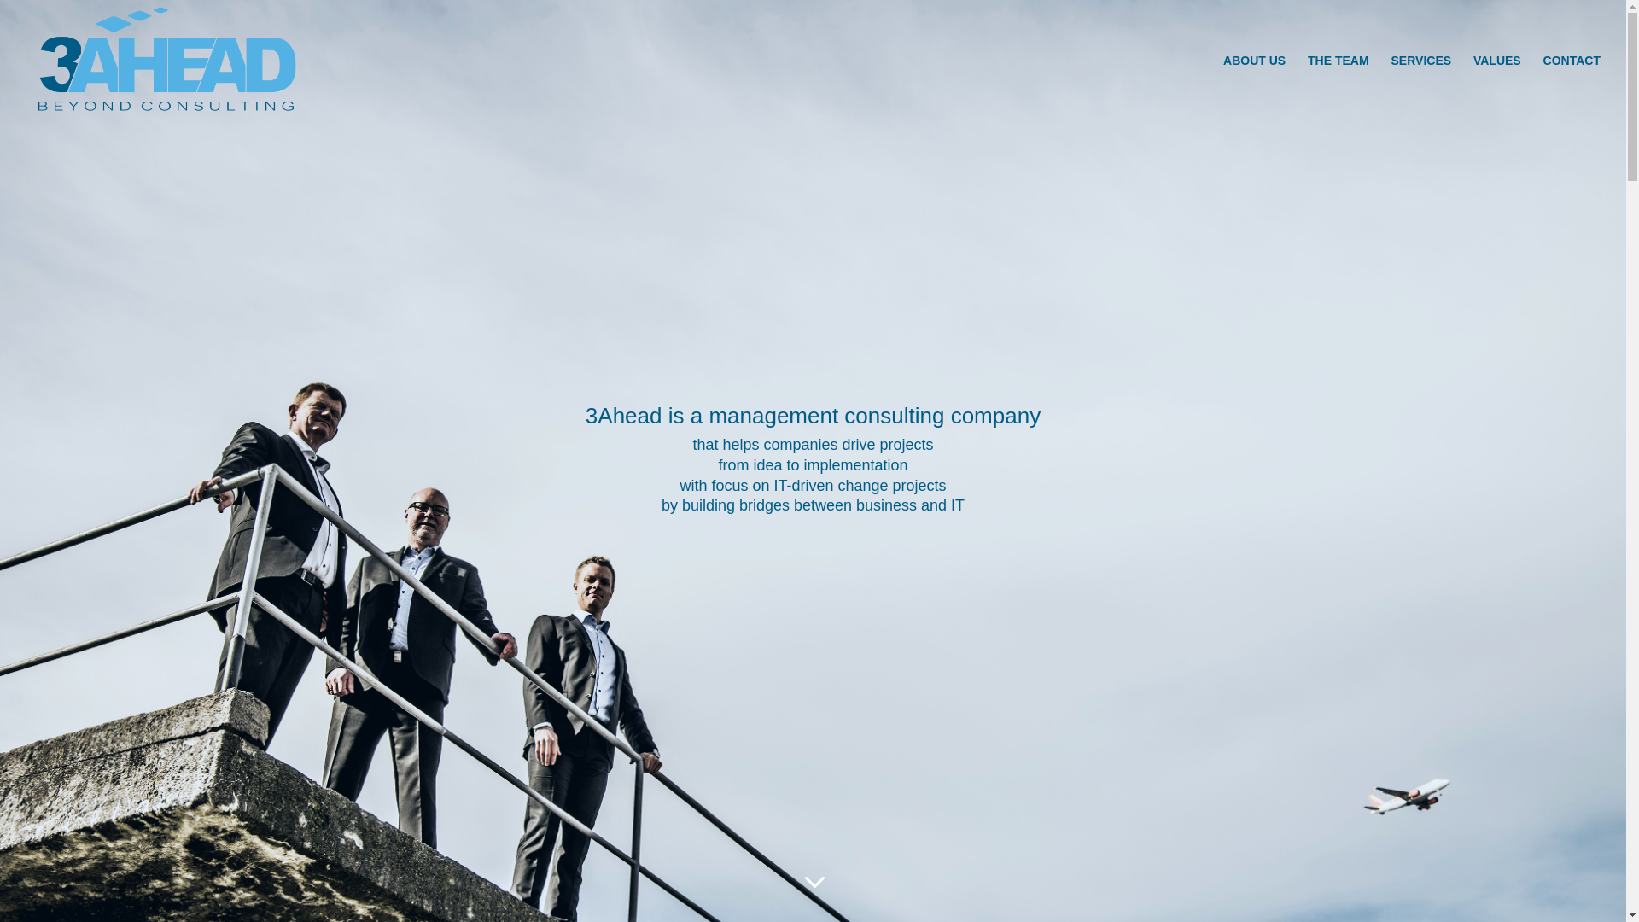  Describe the element at coordinates (1391, 88) in the screenshot. I see `'SERVICES'` at that location.